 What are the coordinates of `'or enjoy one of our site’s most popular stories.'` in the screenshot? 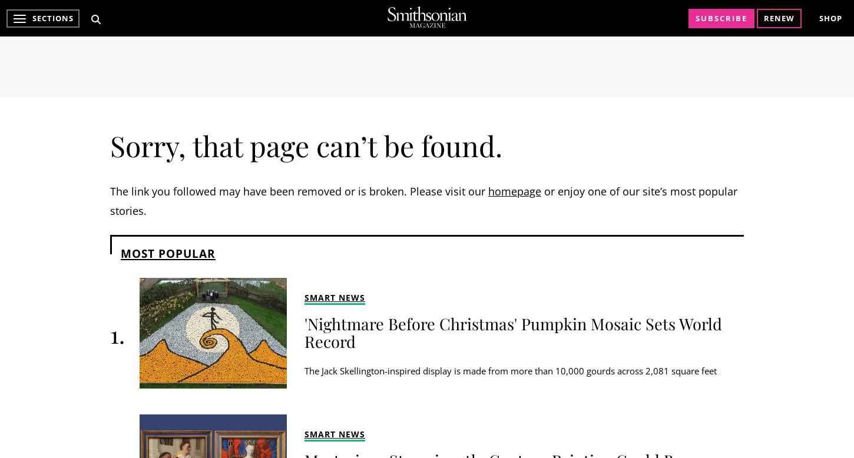 It's located at (423, 200).